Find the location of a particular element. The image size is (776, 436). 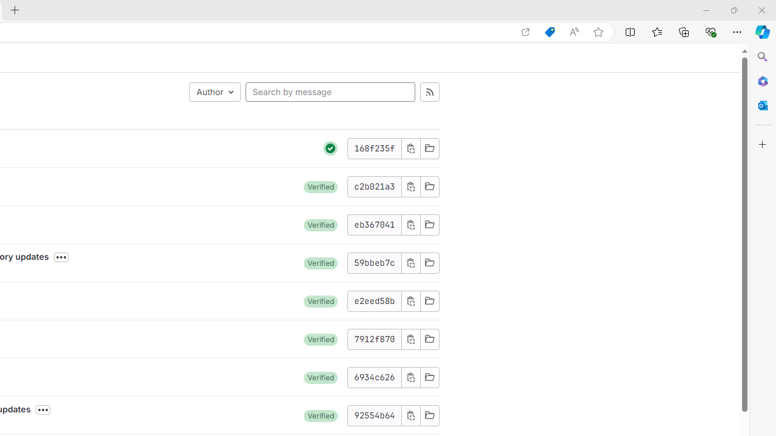

'Close Outlook pane' is located at coordinates (762, 105).